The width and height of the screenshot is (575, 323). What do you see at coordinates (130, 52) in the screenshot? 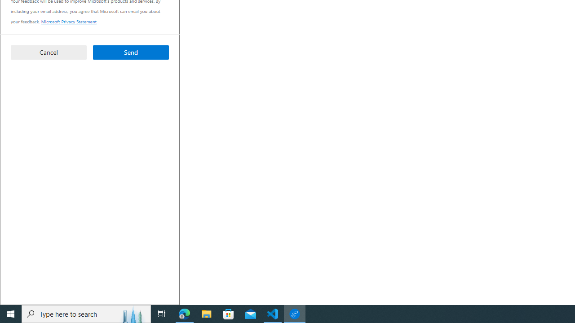
I see `'Send'` at bounding box center [130, 52].